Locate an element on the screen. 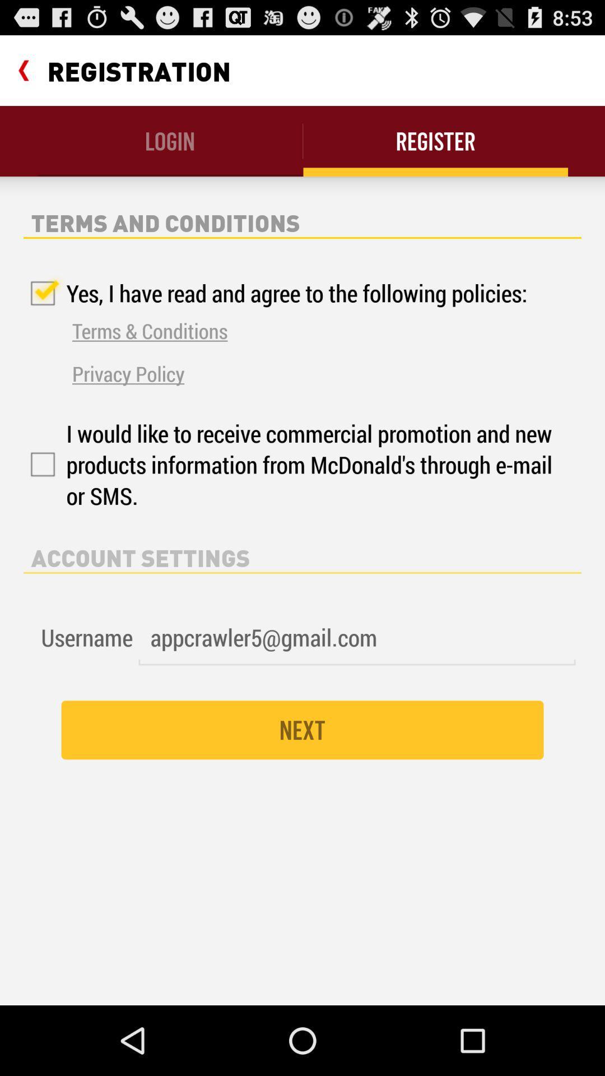 The width and height of the screenshot is (605, 1076). appcrawler5@gmail.com item is located at coordinates (357, 638).